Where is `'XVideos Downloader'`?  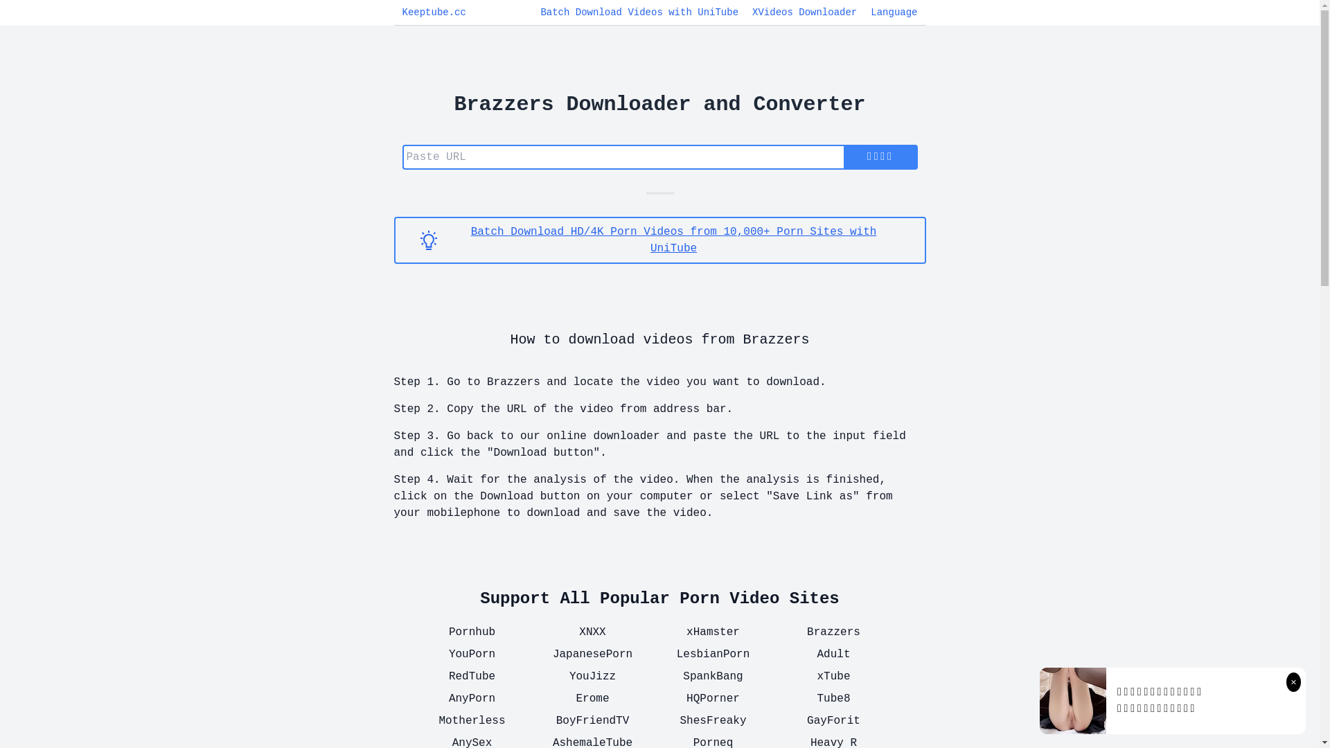 'XVideos Downloader' is located at coordinates (804, 12).